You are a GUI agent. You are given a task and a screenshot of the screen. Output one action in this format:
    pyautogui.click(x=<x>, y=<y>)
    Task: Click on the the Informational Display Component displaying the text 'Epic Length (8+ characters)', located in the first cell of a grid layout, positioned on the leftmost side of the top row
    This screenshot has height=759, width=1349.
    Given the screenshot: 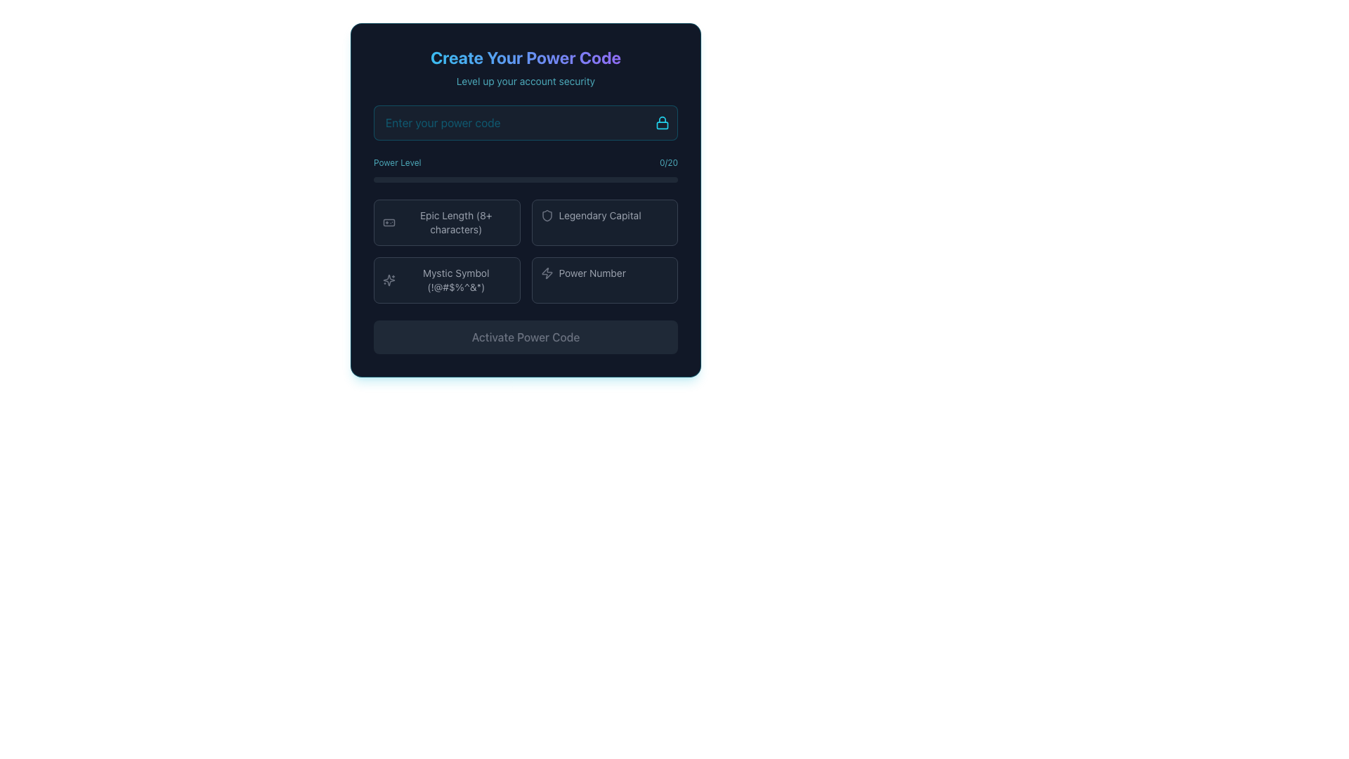 What is the action you would take?
    pyautogui.click(x=525, y=200)
    